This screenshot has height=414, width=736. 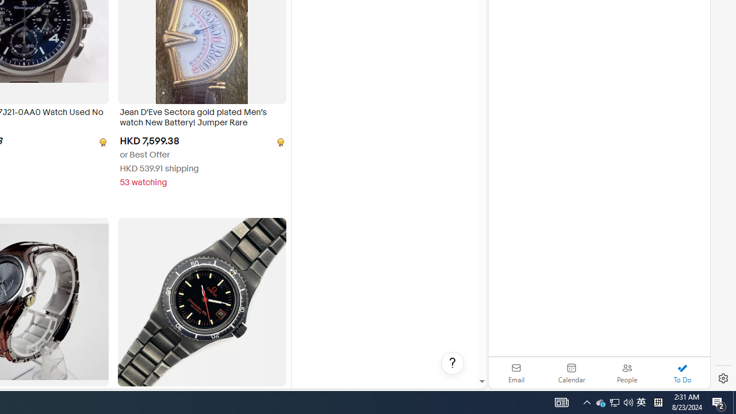 What do you see at coordinates (516, 373) in the screenshot?
I see `'Email'` at bounding box center [516, 373].